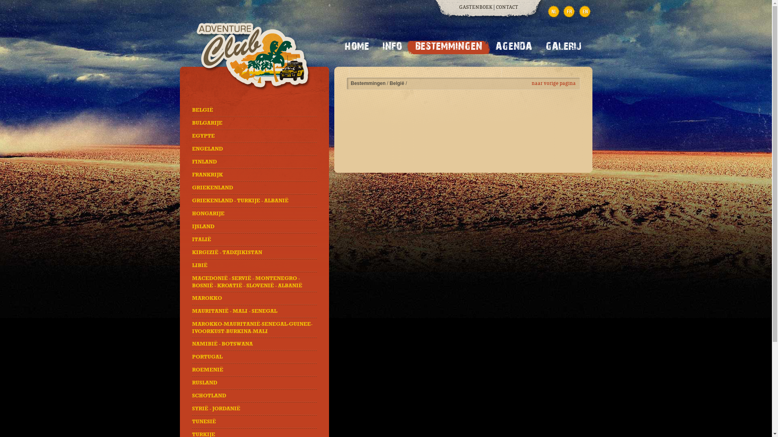 This screenshot has width=778, height=437. What do you see at coordinates (553, 83) in the screenshot?
I see `'naar vorige pagina'` at bounding box center [553, 83].